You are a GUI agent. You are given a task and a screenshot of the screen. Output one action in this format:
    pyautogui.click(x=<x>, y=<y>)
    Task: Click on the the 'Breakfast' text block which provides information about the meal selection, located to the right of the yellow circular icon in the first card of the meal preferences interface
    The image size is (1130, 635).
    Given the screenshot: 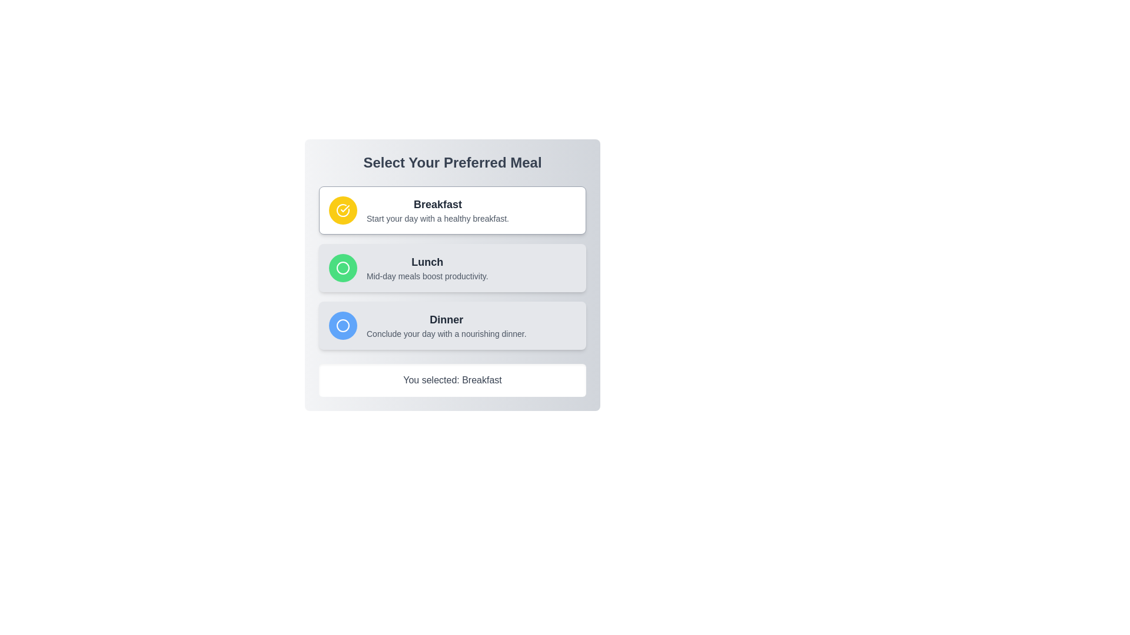 What is the action you would take?
    pyautogui.click(x=437, y=210)
    